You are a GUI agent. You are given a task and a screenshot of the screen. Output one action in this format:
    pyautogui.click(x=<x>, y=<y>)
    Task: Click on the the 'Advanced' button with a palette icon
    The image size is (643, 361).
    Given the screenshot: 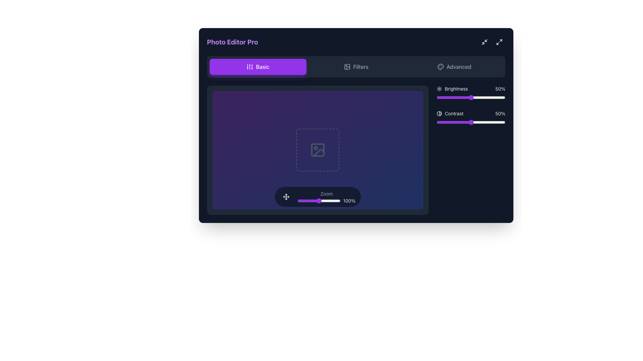 What is the action you would take?
    pyautogui.click(x=454, y=67)
    